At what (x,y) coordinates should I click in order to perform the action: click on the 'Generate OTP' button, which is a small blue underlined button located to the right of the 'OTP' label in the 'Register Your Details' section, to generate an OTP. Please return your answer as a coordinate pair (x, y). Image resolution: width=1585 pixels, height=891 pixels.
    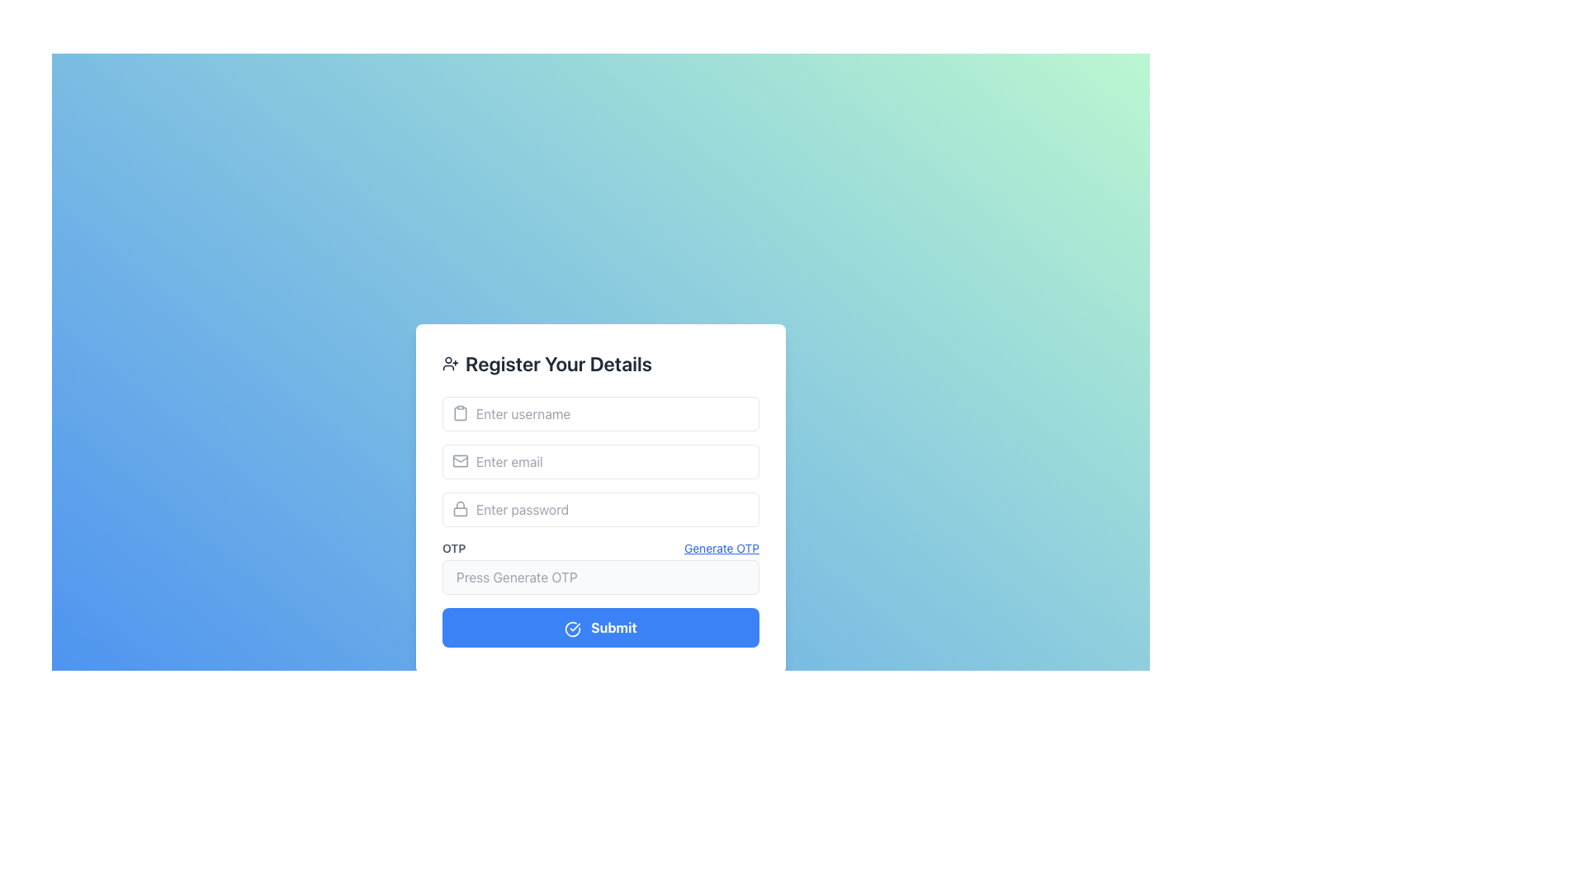
    Looking at the image, I should click on (721, 548).